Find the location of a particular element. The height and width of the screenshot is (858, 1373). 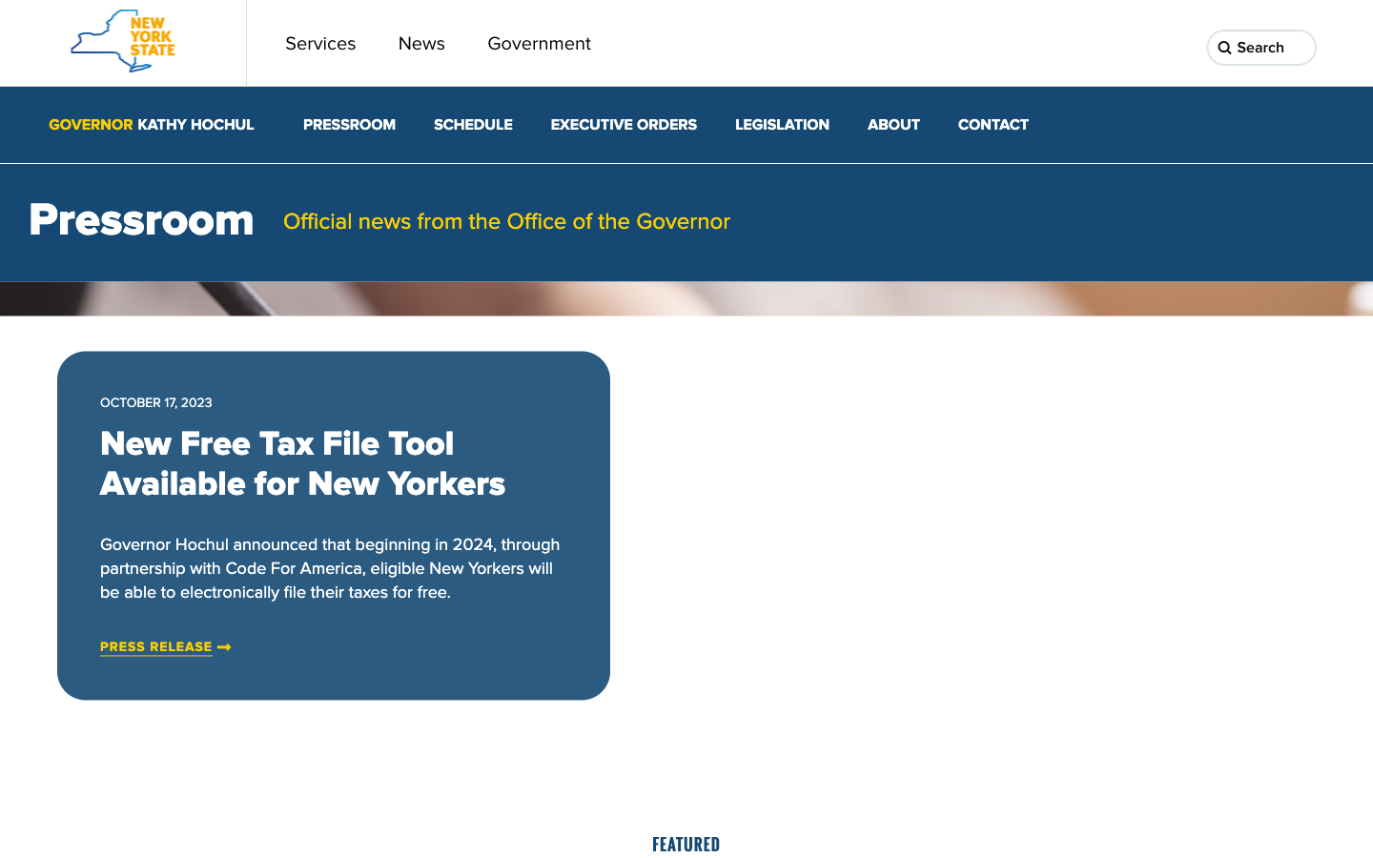

Contact the office of Governor Kathy Hochul by clicking on the contact button is located at coordinates (993, 125).